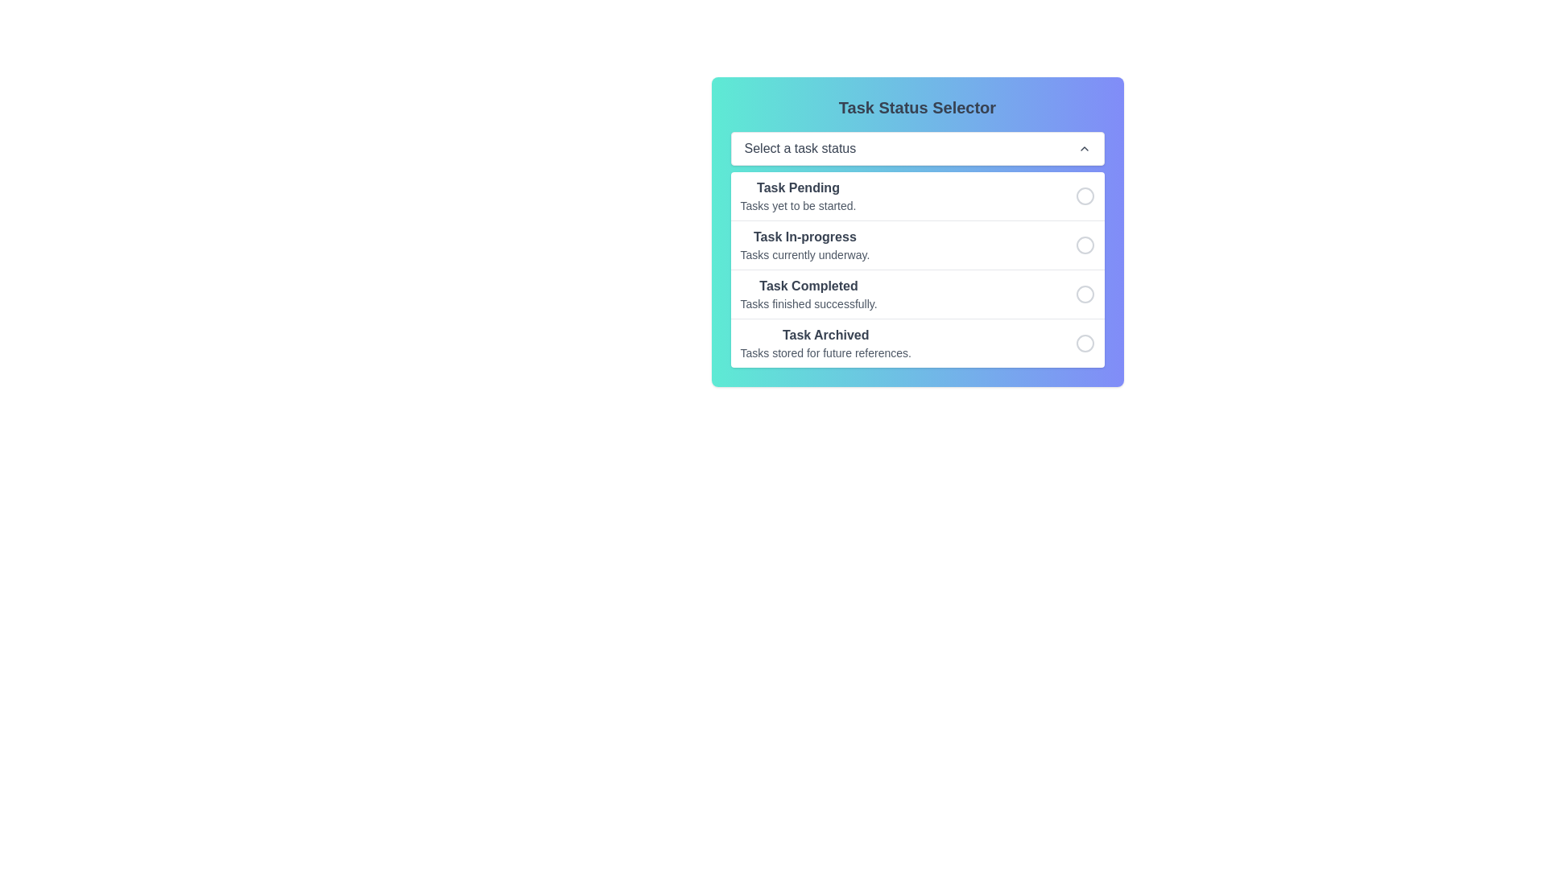 This screenshot has width=1546, height=869. Describe the element at coordinates (1085, 245) in the screenshot. I see `the second radio button in the vertical list aligned with 'Task In-progress'` at that location.